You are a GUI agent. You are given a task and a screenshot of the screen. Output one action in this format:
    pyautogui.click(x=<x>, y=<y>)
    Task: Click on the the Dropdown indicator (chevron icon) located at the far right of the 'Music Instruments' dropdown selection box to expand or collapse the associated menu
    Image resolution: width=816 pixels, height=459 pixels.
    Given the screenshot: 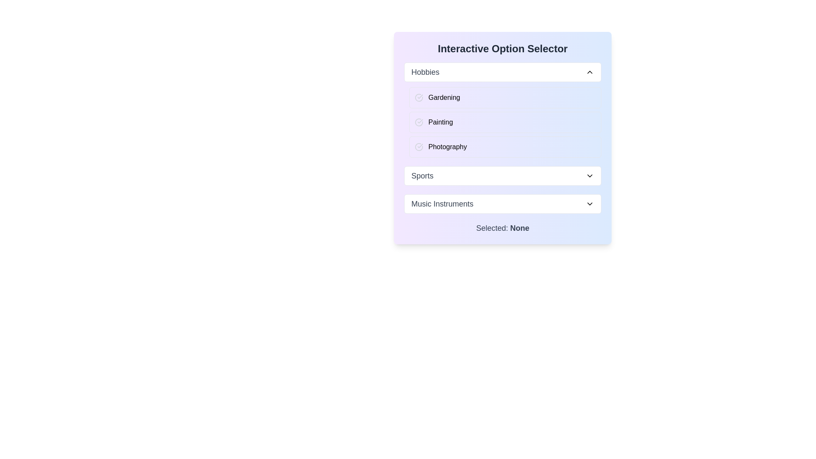 What is the action you would take?
    pyautogui.click(x=589, y=204)
    